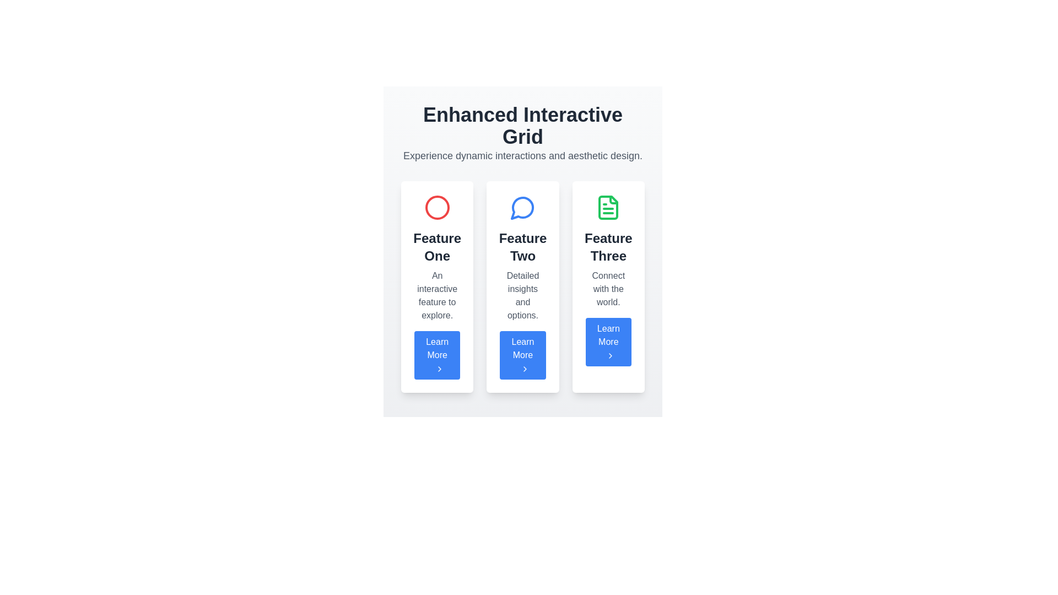  What do you see at coordinates (522, 125) in the screenshot?
I see `the header text element that introduces the section, which is centrally positioned above the sibling text 'Experience dynamic interactions and aesthetic design.'` at bounding box center [522, 125].